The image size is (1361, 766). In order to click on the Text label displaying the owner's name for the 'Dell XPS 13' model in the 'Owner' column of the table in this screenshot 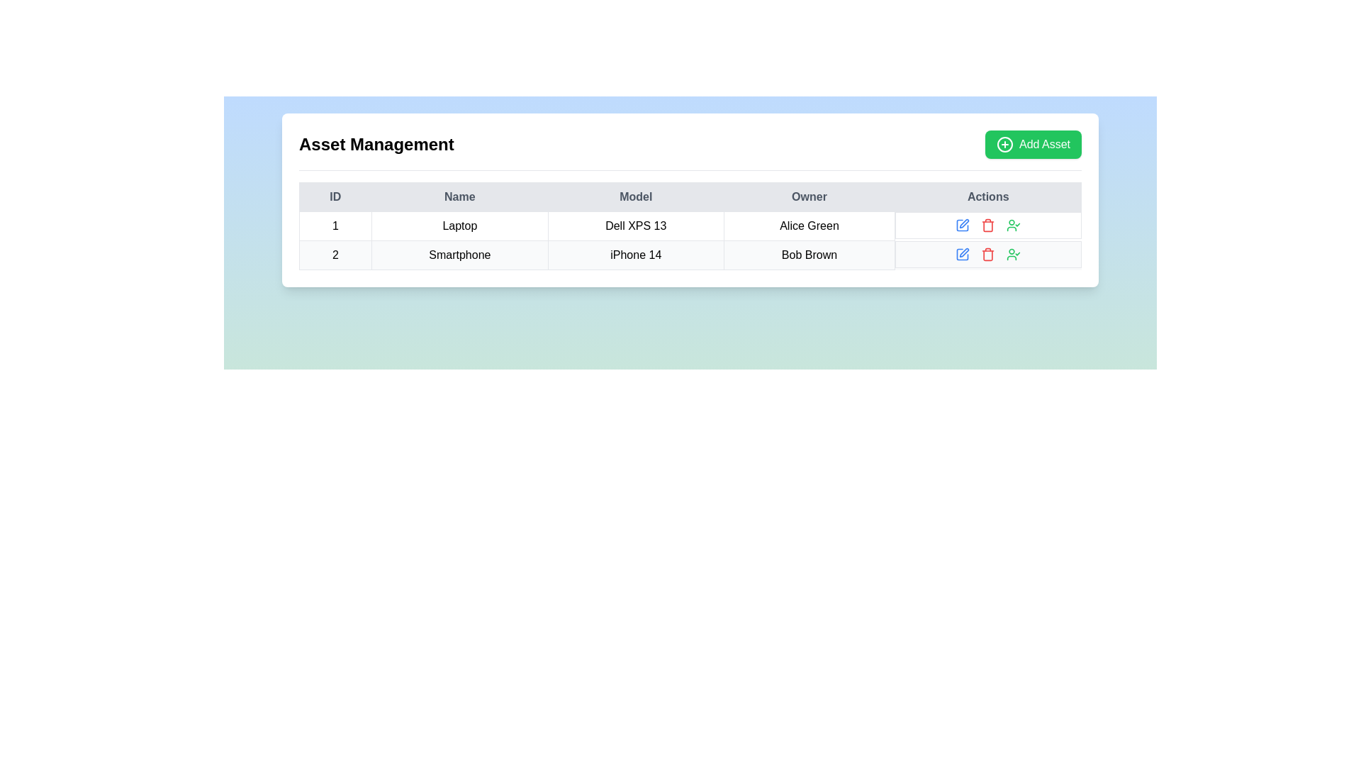, I will do `click(810, 226)`.